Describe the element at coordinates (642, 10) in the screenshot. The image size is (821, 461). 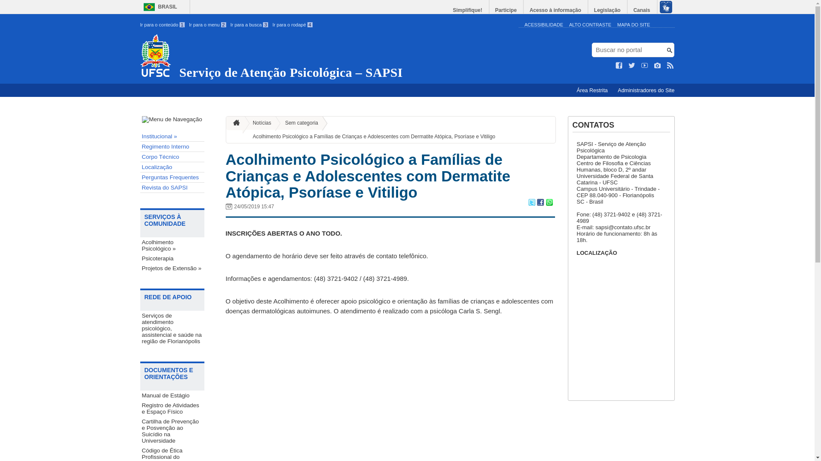
I see `'Canais'` at that location.